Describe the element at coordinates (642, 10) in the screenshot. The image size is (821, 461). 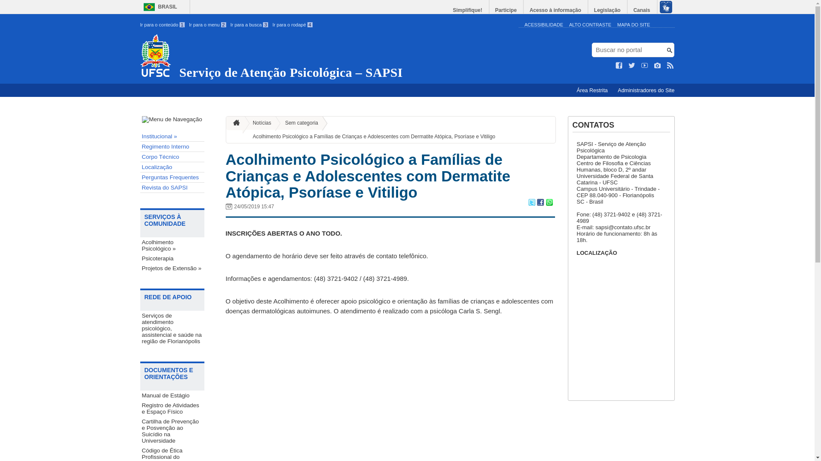
I see `'Canais'` at that location.